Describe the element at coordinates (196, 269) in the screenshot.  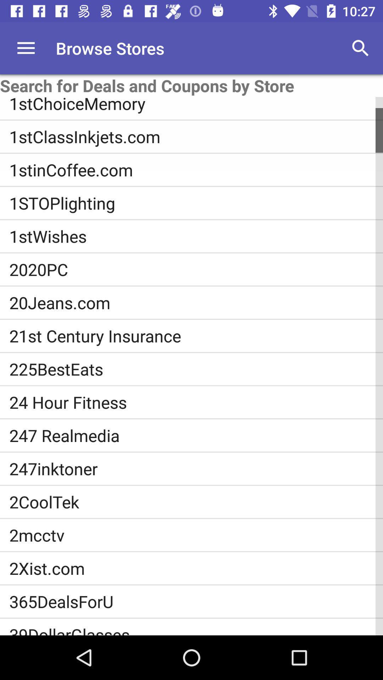
I see `the 2020pc icon` at that location.